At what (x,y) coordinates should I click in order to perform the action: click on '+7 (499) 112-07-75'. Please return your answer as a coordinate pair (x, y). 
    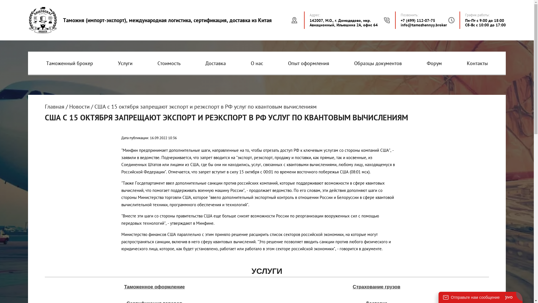
    Looking at the image, I should click on (418, 20).